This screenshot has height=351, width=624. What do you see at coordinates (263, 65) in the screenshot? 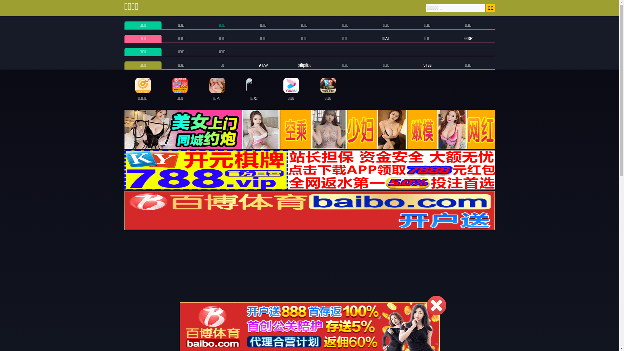
I see `'91AV'` at bounding box center [263, 65].